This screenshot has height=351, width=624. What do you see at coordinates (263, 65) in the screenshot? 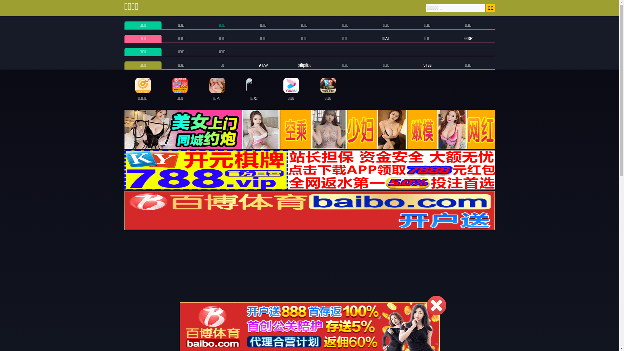
I see `'91AV'` at bounding box center [263, 65].